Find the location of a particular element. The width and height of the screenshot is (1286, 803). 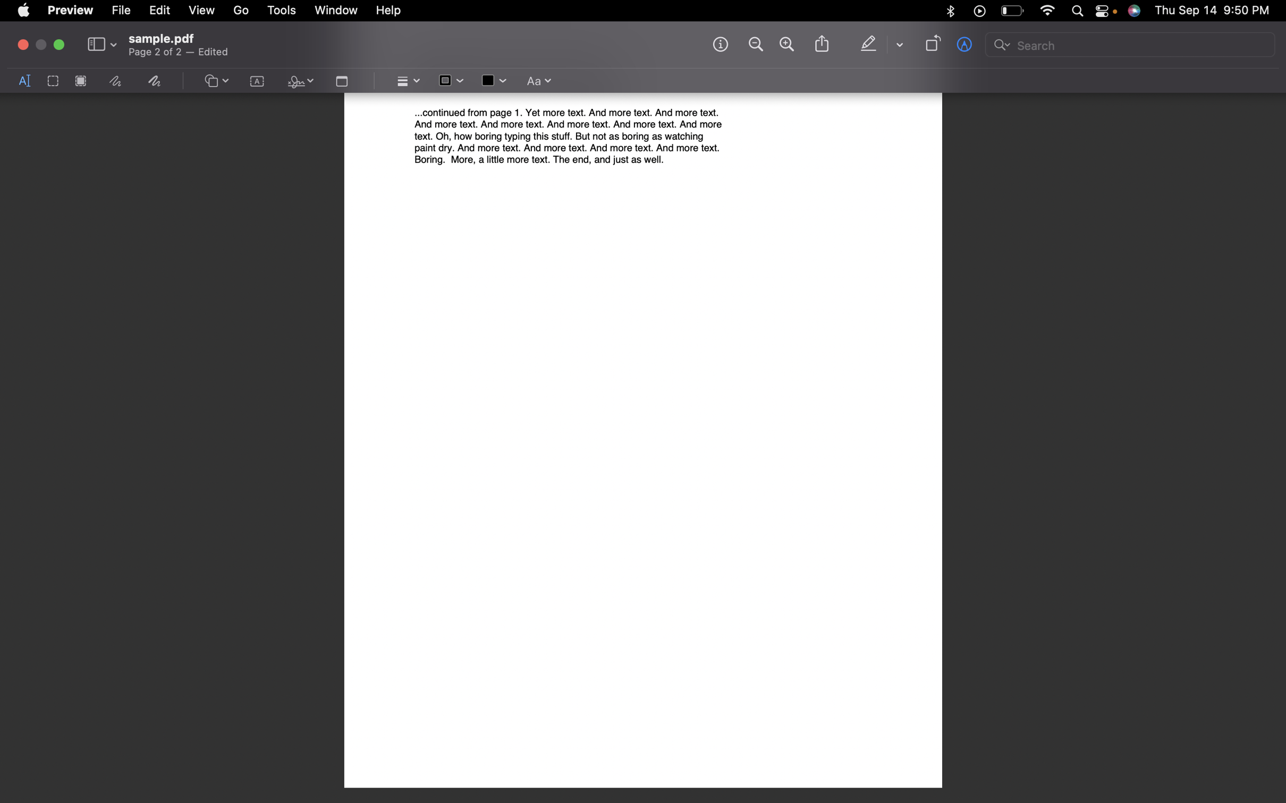

Activate the rectangle selection function is located at coordinates (52, 81).